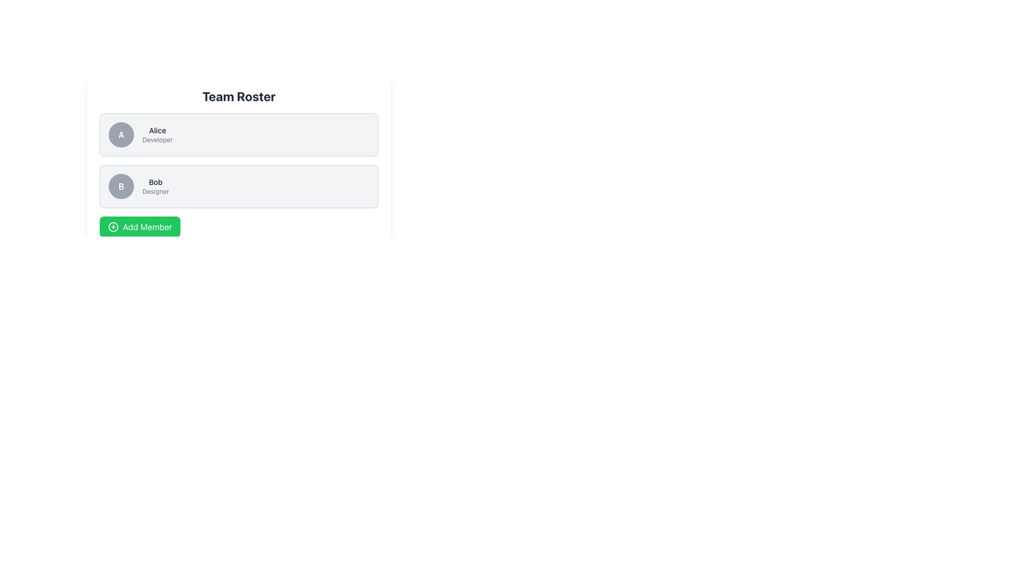 The image size is (1013, 569). Describe the element at coordinates (155, 186) in the screenshot. I see `the text label displaying the name 'Bob' and title 'Designer', which is located in the second row of the user listing interface, to the right of the circular avatar with the initial 'B'` at that location.